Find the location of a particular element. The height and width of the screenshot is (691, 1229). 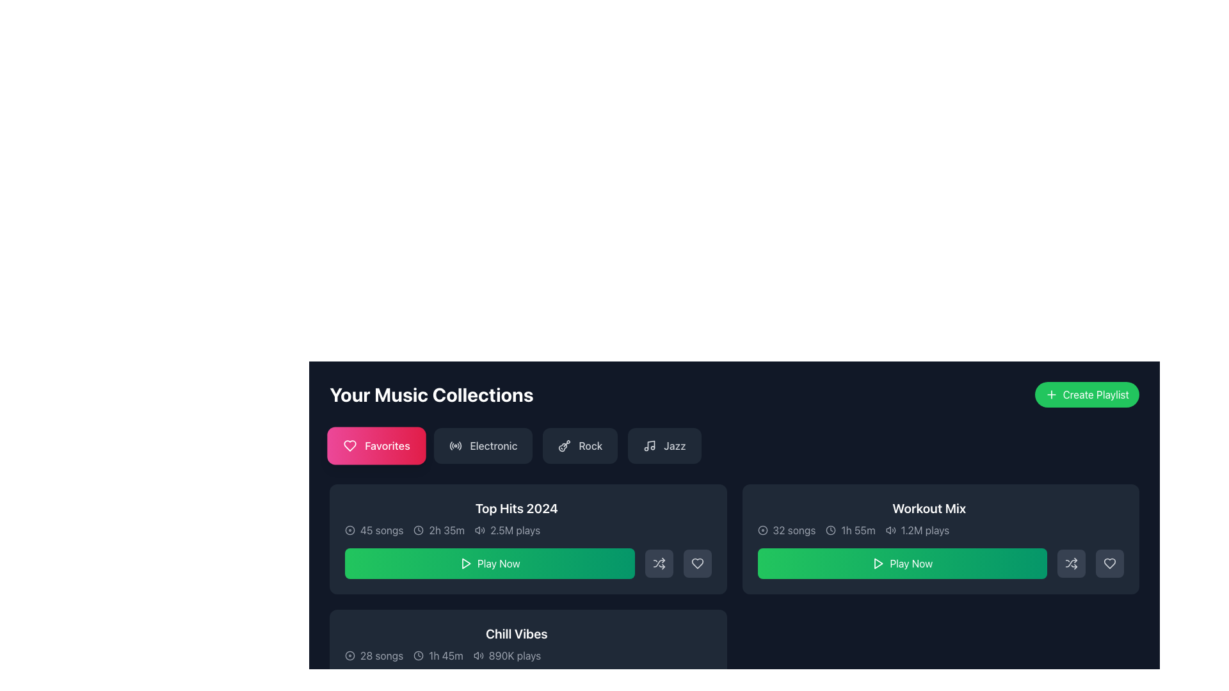

the music playback button located to the right of the song information for the workout mix is located at coordinates (901, 562).